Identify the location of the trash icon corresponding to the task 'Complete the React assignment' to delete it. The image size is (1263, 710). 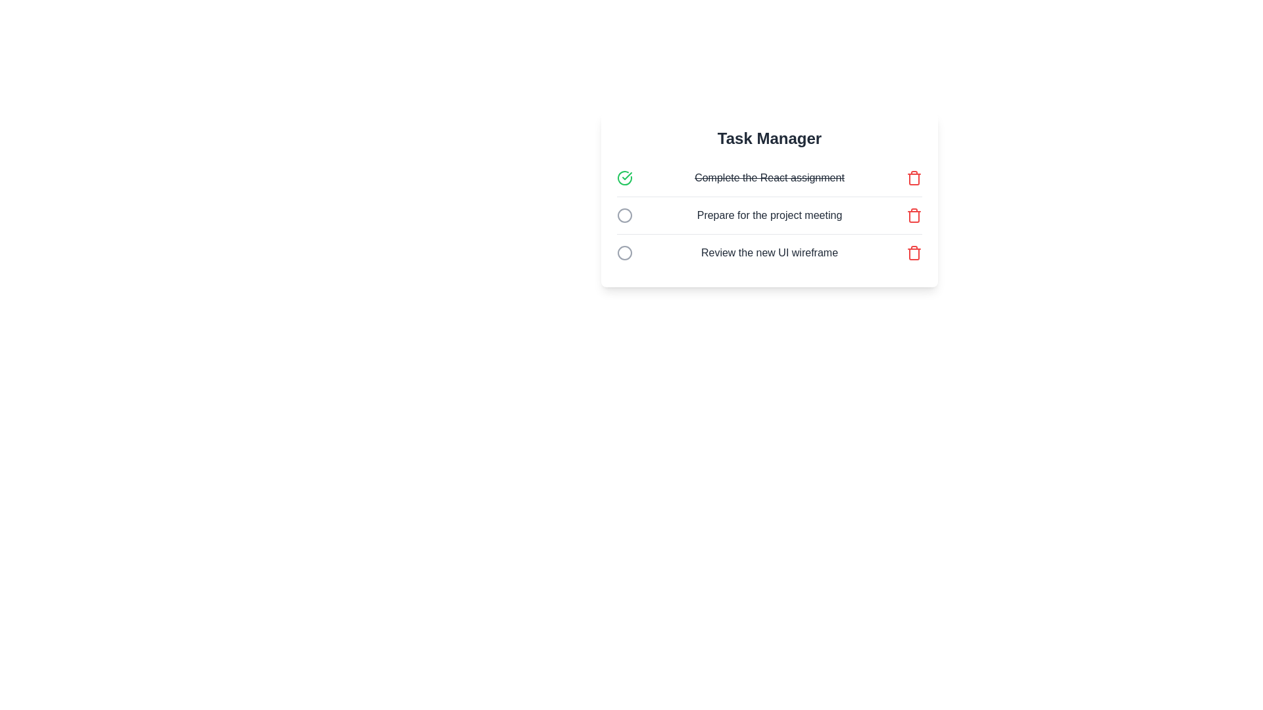
(914, 177).